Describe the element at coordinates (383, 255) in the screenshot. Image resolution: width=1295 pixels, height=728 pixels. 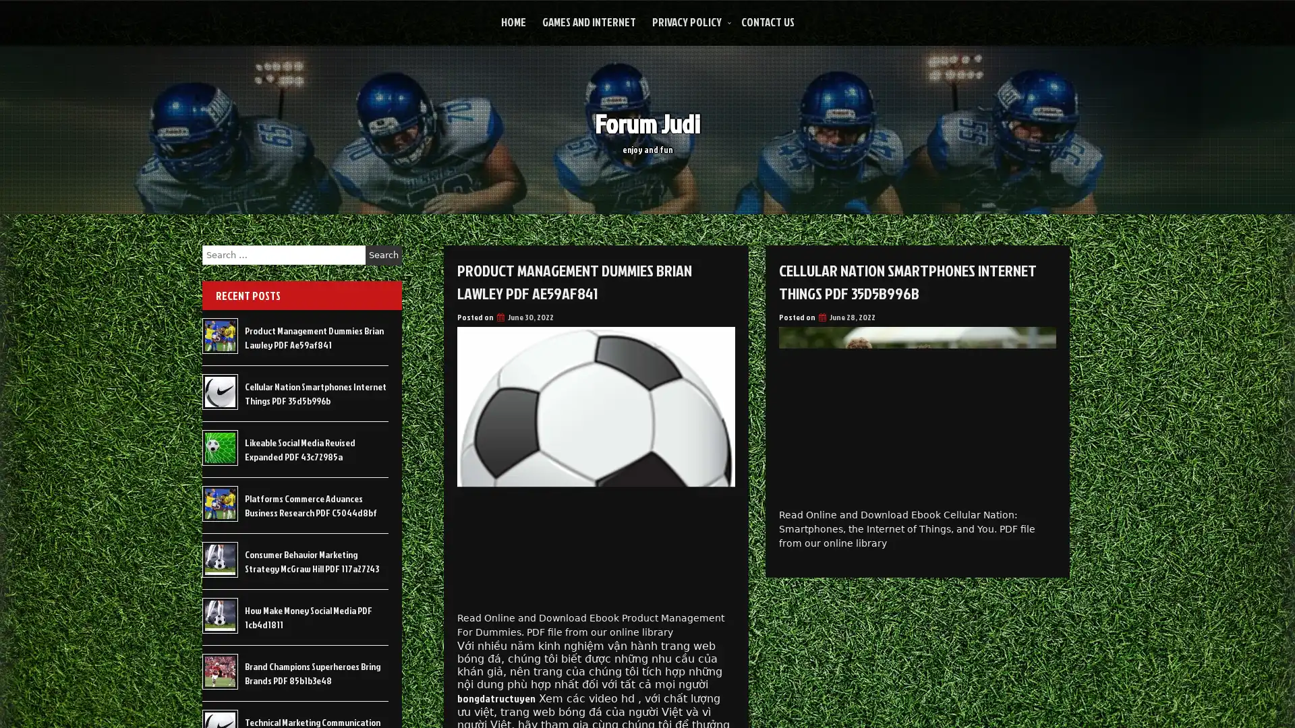
I see `Search` at that location.